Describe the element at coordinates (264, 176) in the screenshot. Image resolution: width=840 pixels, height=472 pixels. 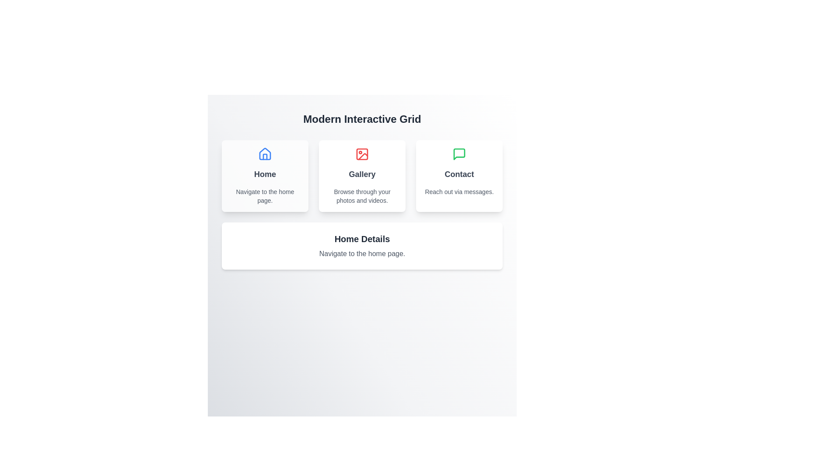
I see `the Interactive Card located at the far-left of the grid to trigger a scaling visual effect` at that location.